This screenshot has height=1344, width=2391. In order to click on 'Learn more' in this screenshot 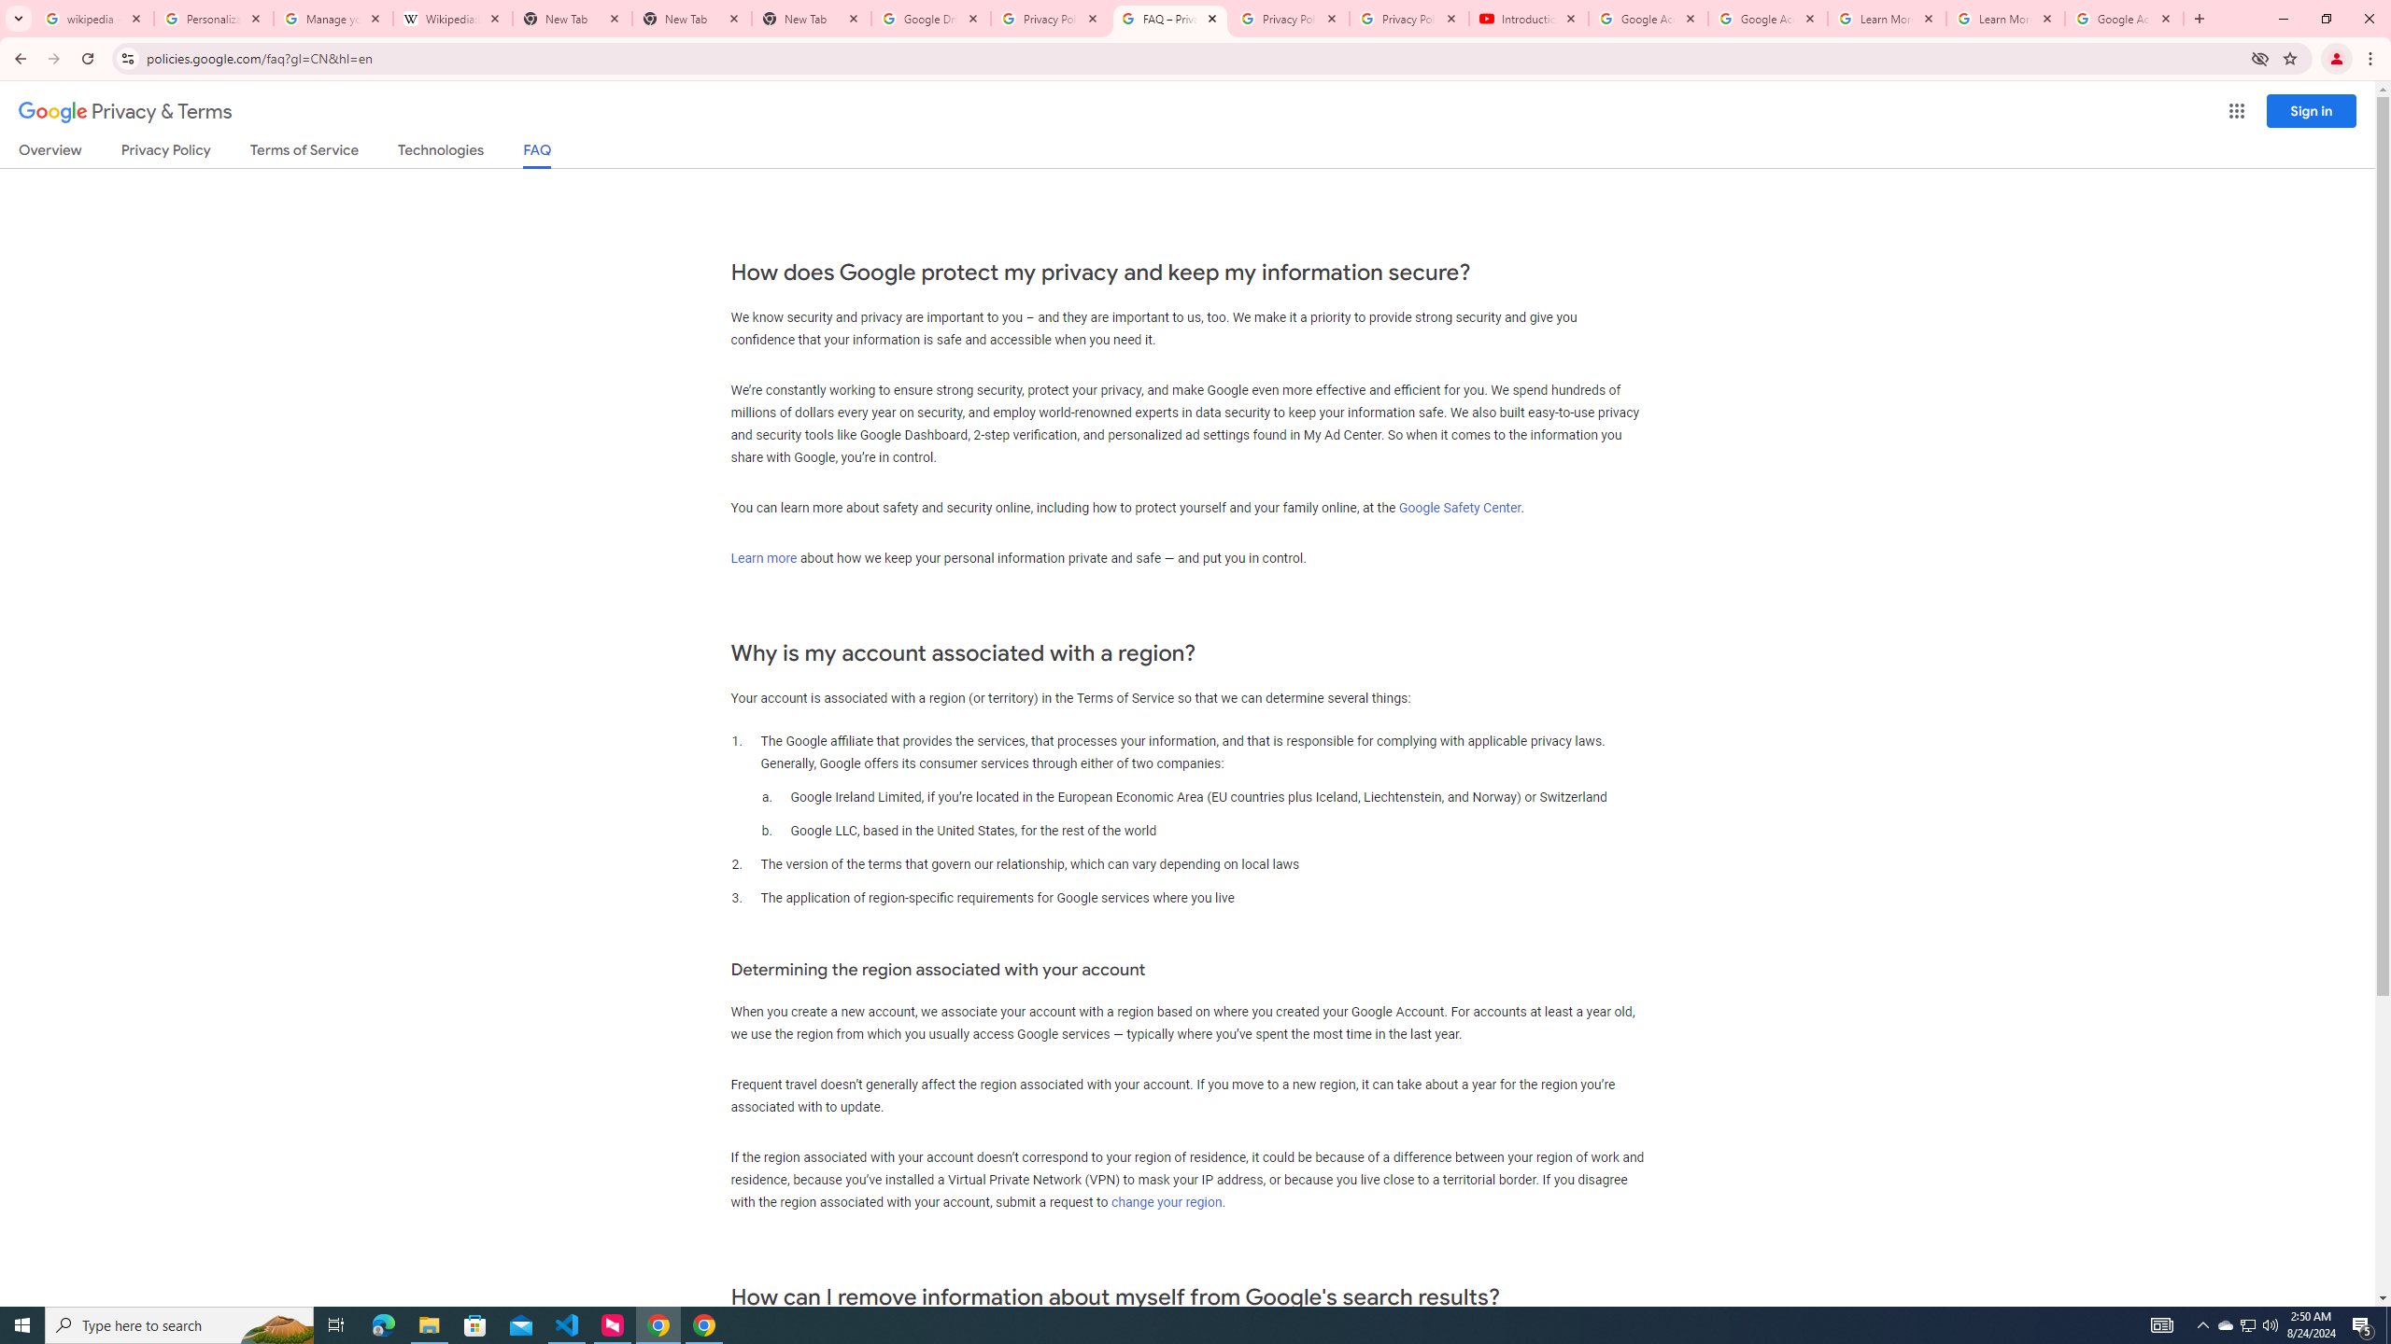, I will do `click(762, 557)`.